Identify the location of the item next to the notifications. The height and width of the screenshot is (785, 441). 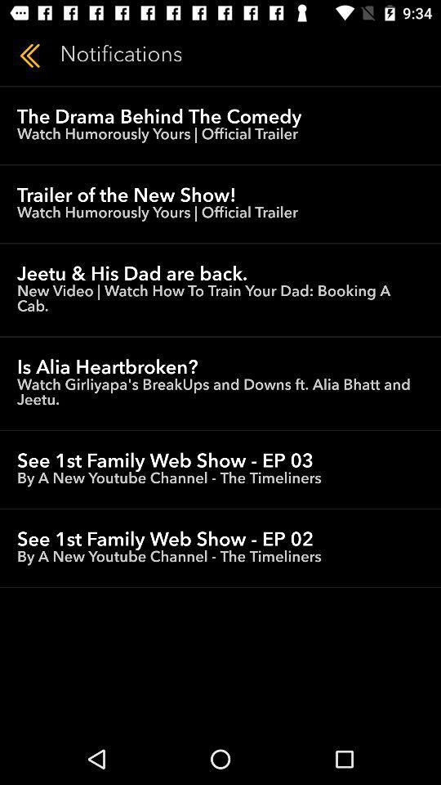
(29, 56).